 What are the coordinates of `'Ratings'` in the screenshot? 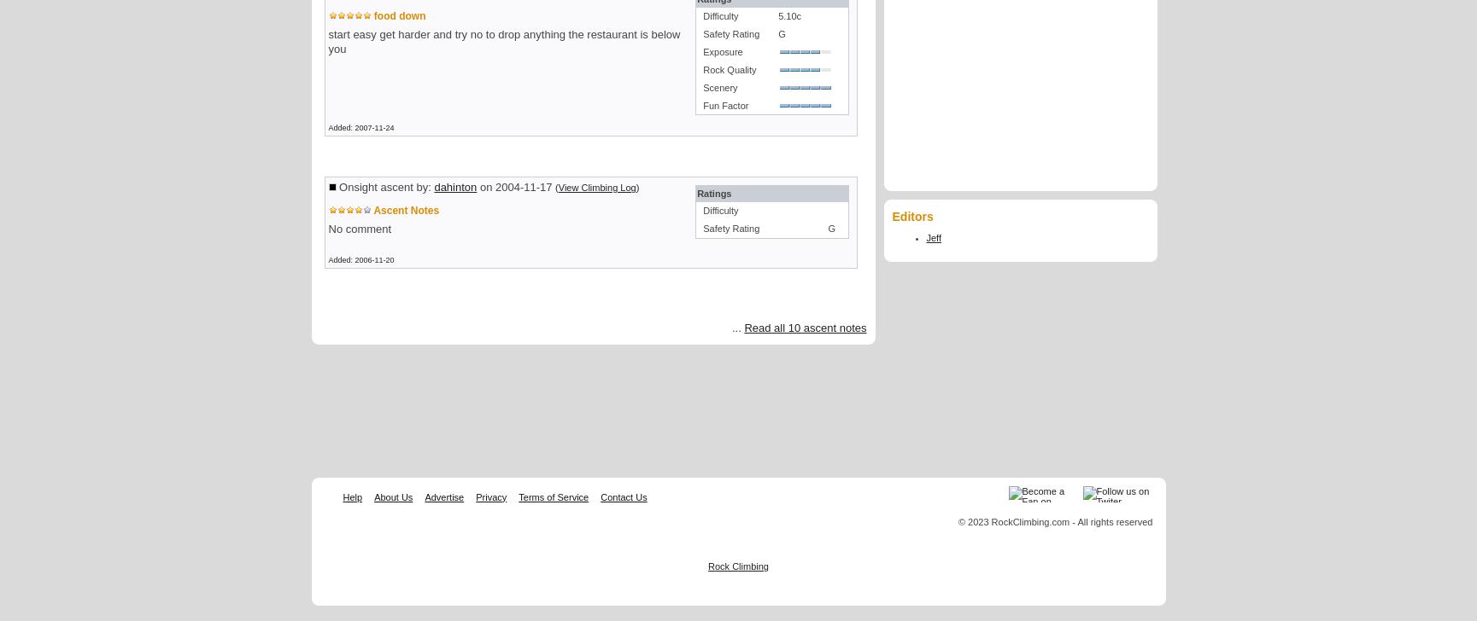 It's located at (713, 193).